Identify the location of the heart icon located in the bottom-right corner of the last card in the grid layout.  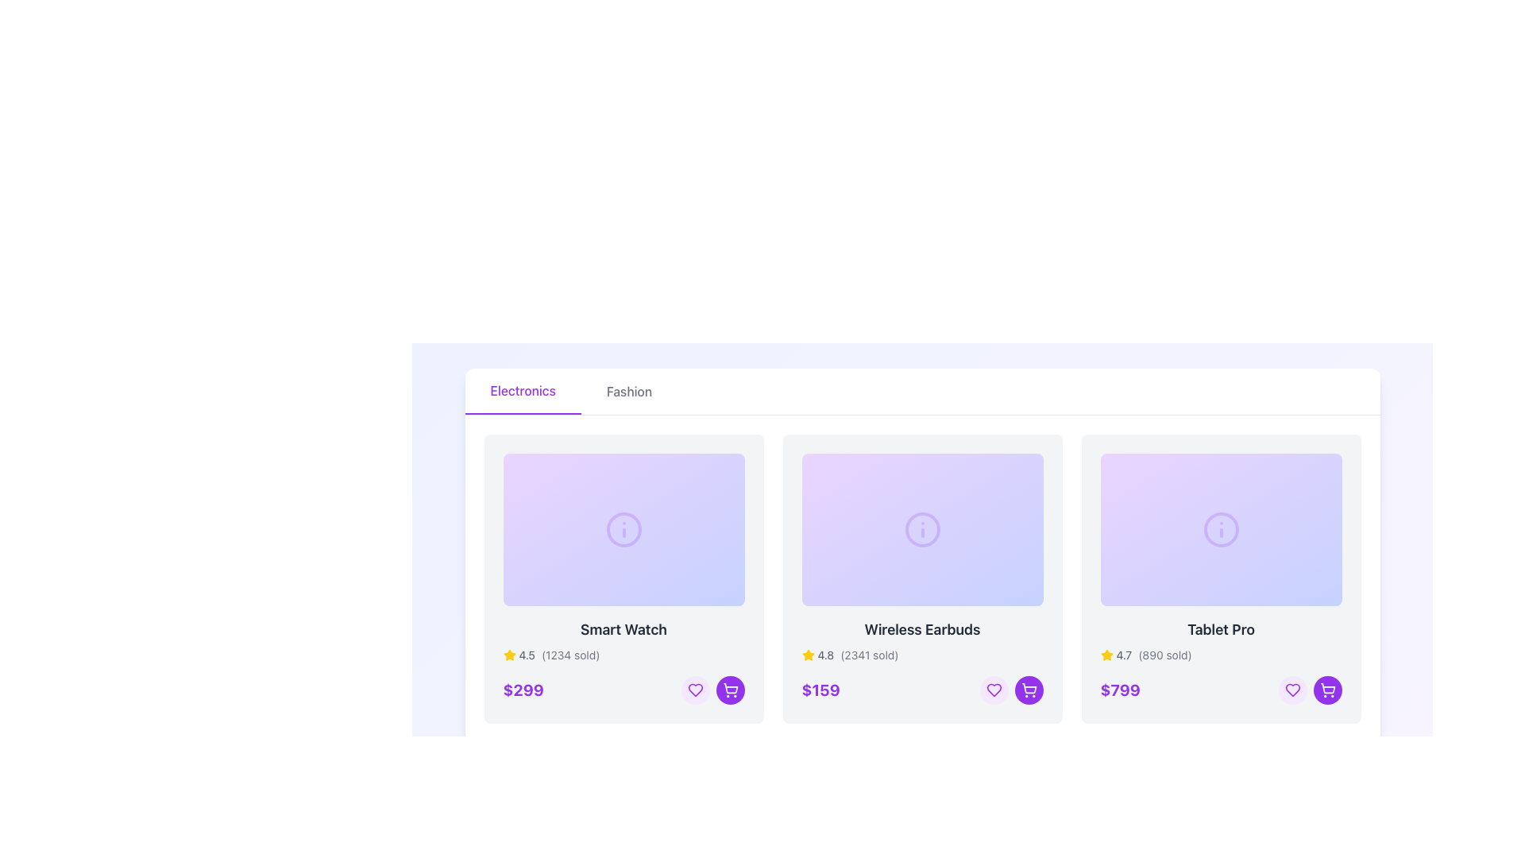
(1292, 689).